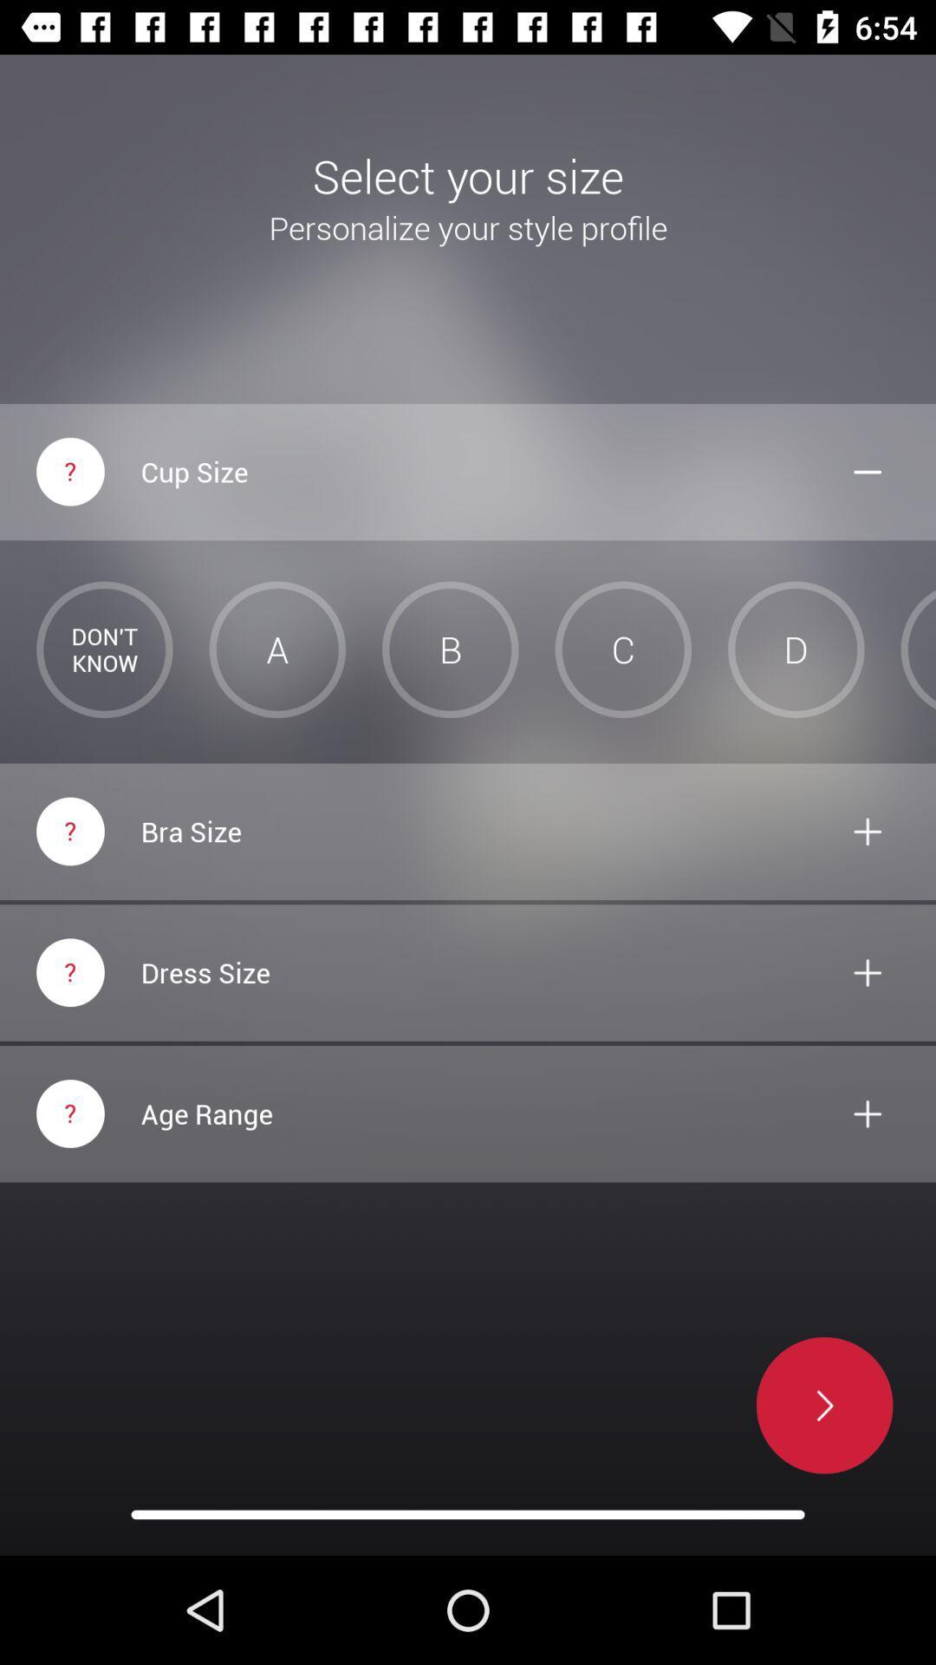 The height and width of the screenshot is (1665, 936). What do you see at coordinates (817, 1405) in the screenshot?
I see `the arrow_forward icon` at bounding box center [817, 1405].